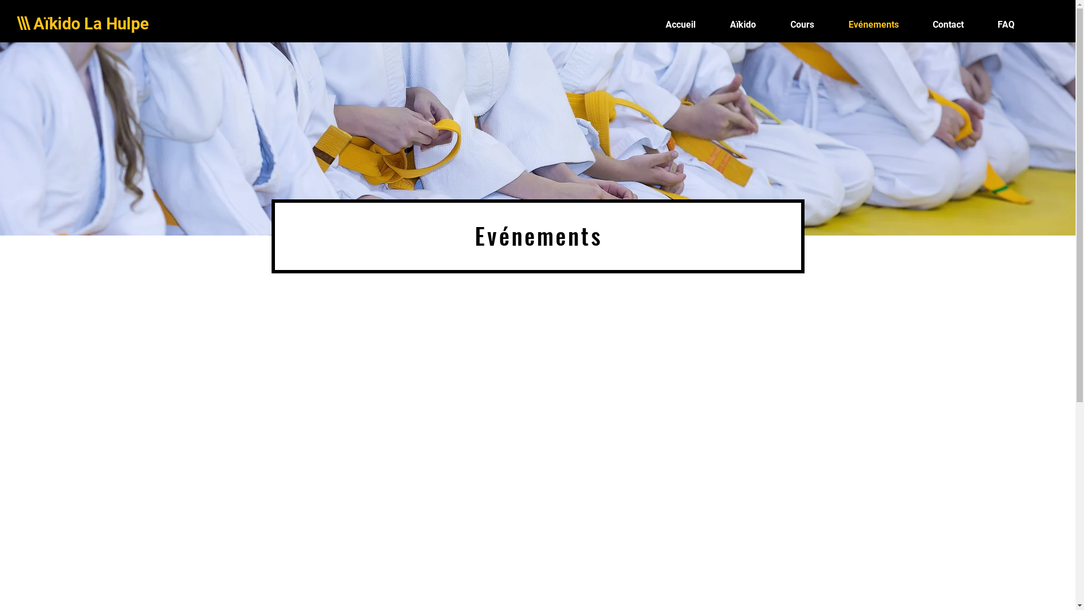  I want to click on 'Accueil', so click(648, 24).